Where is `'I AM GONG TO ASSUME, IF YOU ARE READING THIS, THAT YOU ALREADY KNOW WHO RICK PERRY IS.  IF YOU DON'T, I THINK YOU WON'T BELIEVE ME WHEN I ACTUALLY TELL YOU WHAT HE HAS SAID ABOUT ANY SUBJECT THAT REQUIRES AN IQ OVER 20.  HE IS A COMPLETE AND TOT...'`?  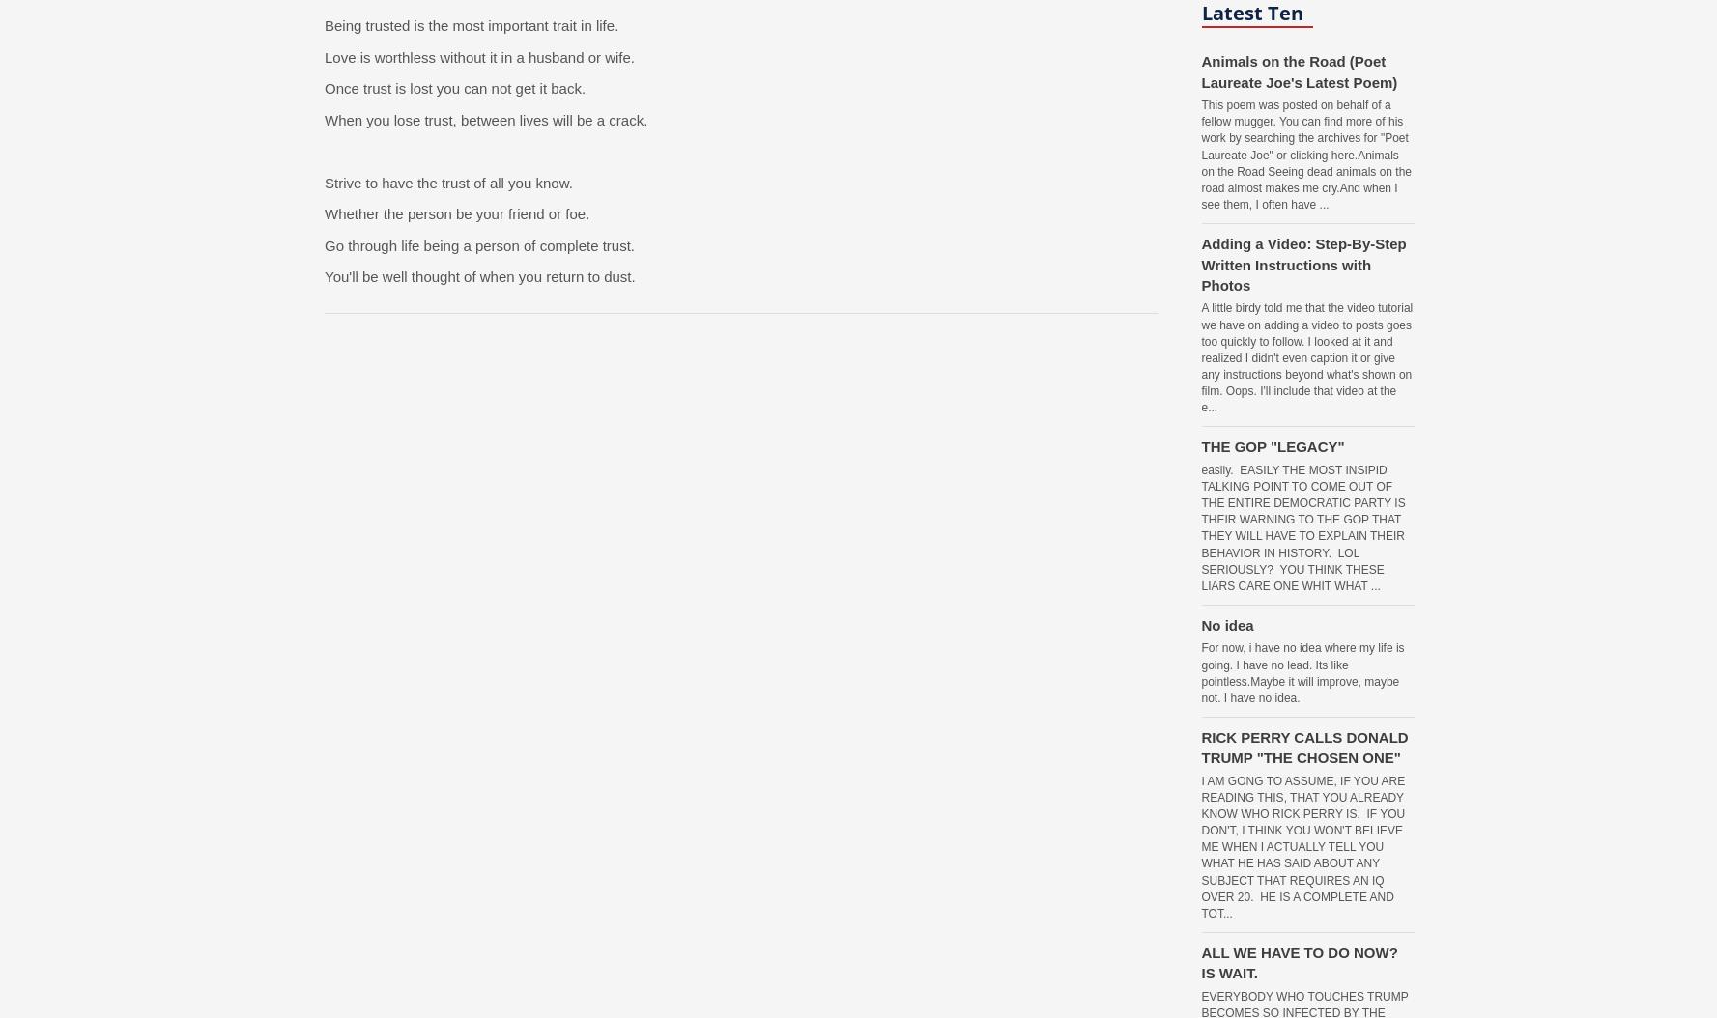
'I AM GONG TO ASSUME, IF YOU ARE READING THIS, THAT YOU ALREADY KNOW WHO RICK PERRY IS.  IF YOU DON'T, I THINK YOU WON'T BELIEVE ME WHEN I ACTUALLY TELL YOU WHAT HE HAS SAID ABOUT ANY SUBJECT THAT REQUIRES AN IQ OVER 20.  HE IS A COMPLETE AND TOT...' is located at coordinates (1302, 846).